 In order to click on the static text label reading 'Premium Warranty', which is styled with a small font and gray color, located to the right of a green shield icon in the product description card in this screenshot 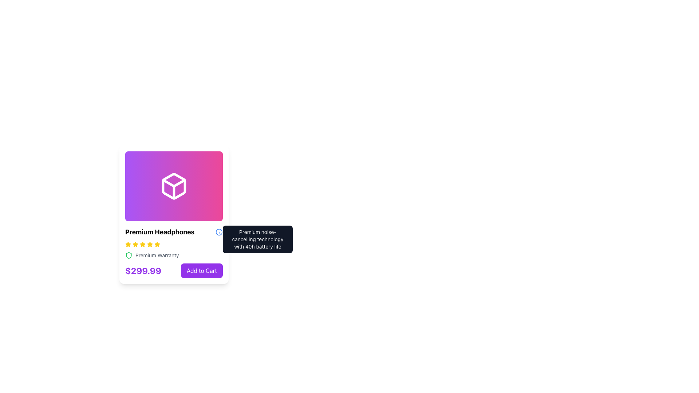, I will do `click(157, 255)`.